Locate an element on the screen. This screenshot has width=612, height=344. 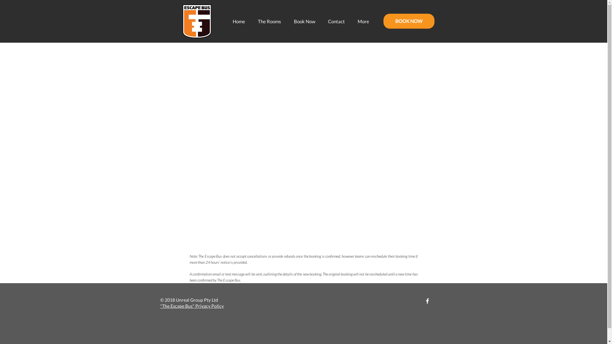
'Home' is located at coordinates (238, 21).